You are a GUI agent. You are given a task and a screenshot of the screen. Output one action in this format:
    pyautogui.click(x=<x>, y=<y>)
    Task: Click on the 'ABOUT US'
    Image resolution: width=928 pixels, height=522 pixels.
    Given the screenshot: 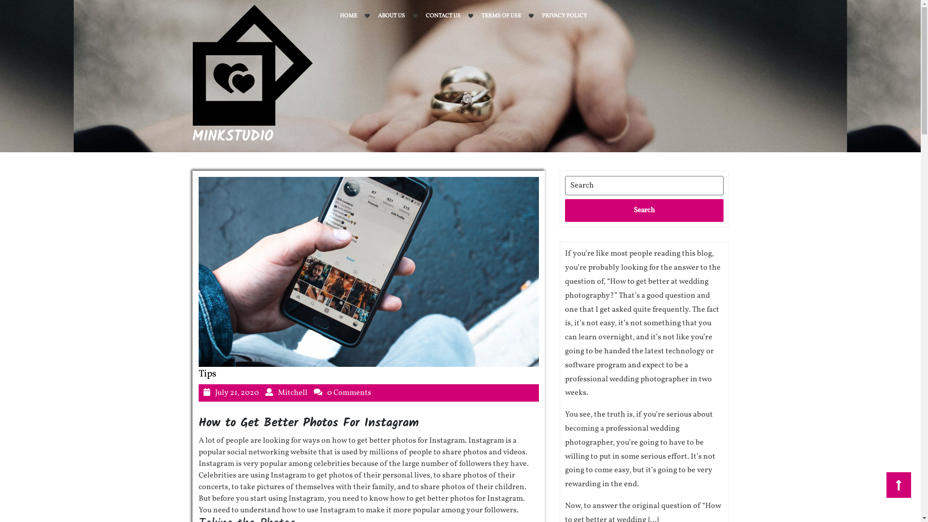 What is the action you would take?
    pyautogui.click(x=391, y=16)
    